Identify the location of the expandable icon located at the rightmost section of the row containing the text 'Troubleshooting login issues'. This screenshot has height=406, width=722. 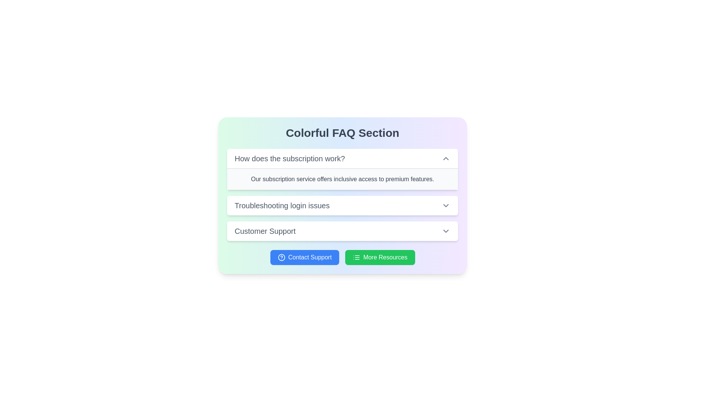
(446, 206).